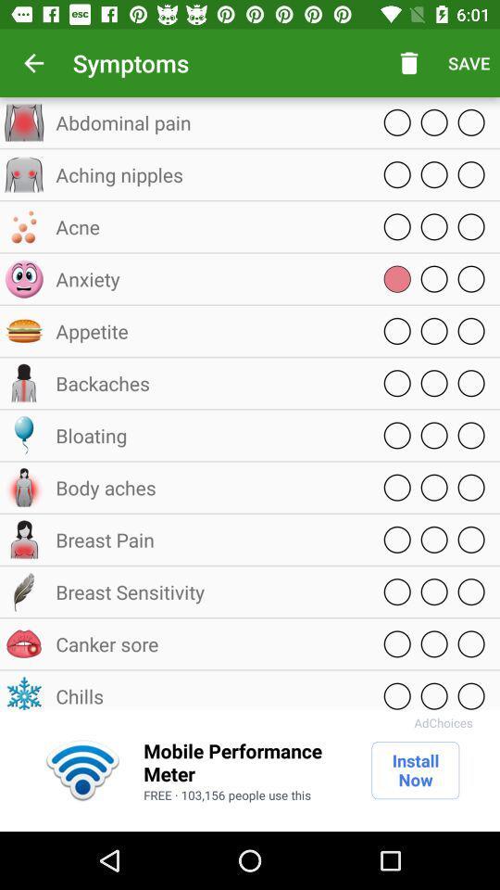 This screenshot has height=890, width=500. Describe the element at coordinates (33, 63) in the screenshot. I see `the icon to the left of the symptoms` at that location.